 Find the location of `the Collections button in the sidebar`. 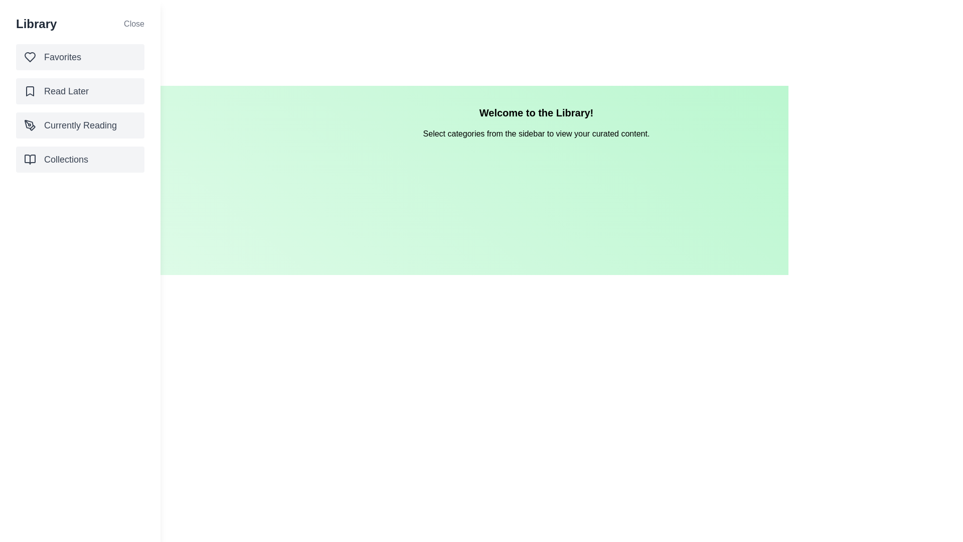

the Collections button in the sidebar is located at coordinates (79, 159).